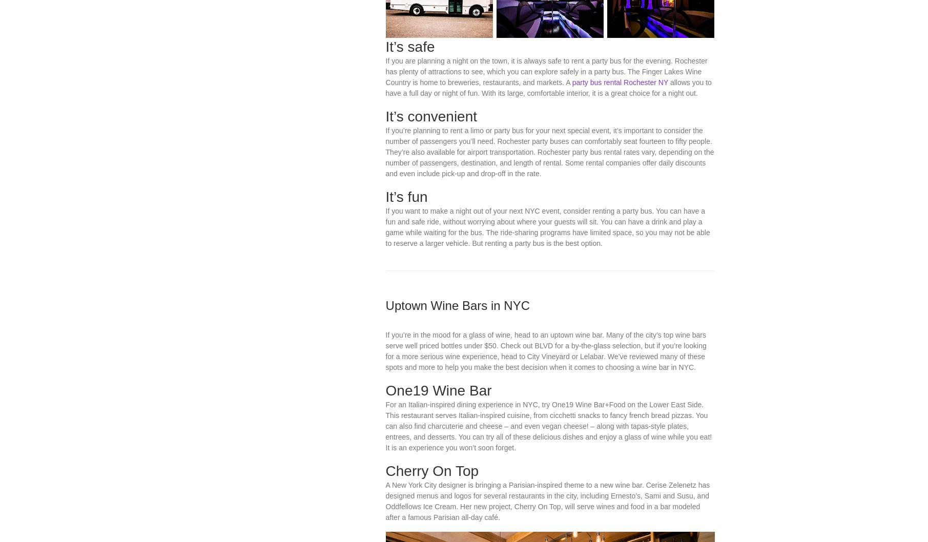 Image resolution: width=928 pixels, height=542 pixels. I want to click on 'It’s safe', so click(409, 143).